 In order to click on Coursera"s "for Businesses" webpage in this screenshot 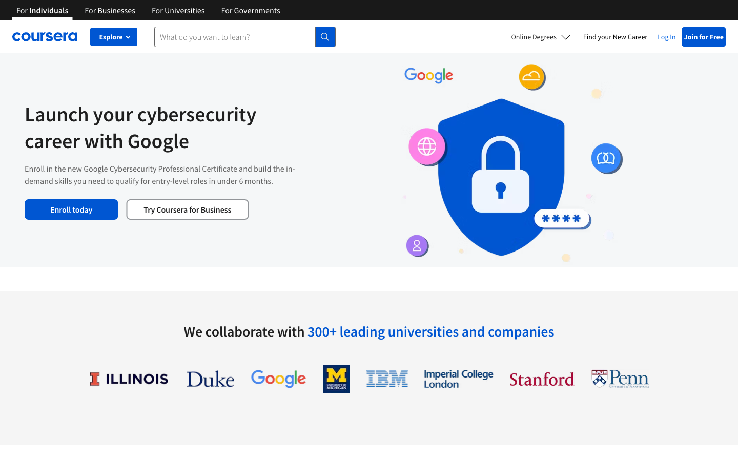, I will do `click(110, 9)`.